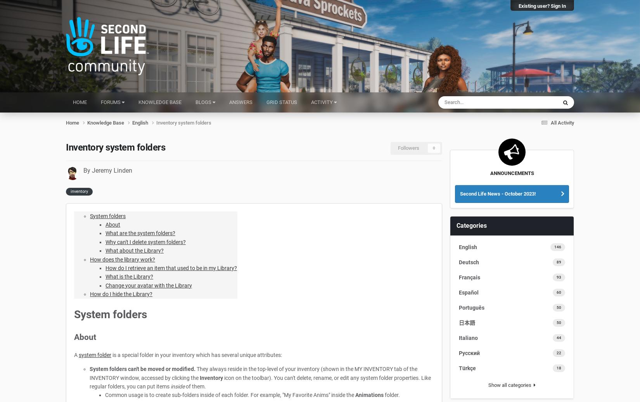 This screenshot has width=640, height=402. I want to click on 'Categories', so click(472, 225).